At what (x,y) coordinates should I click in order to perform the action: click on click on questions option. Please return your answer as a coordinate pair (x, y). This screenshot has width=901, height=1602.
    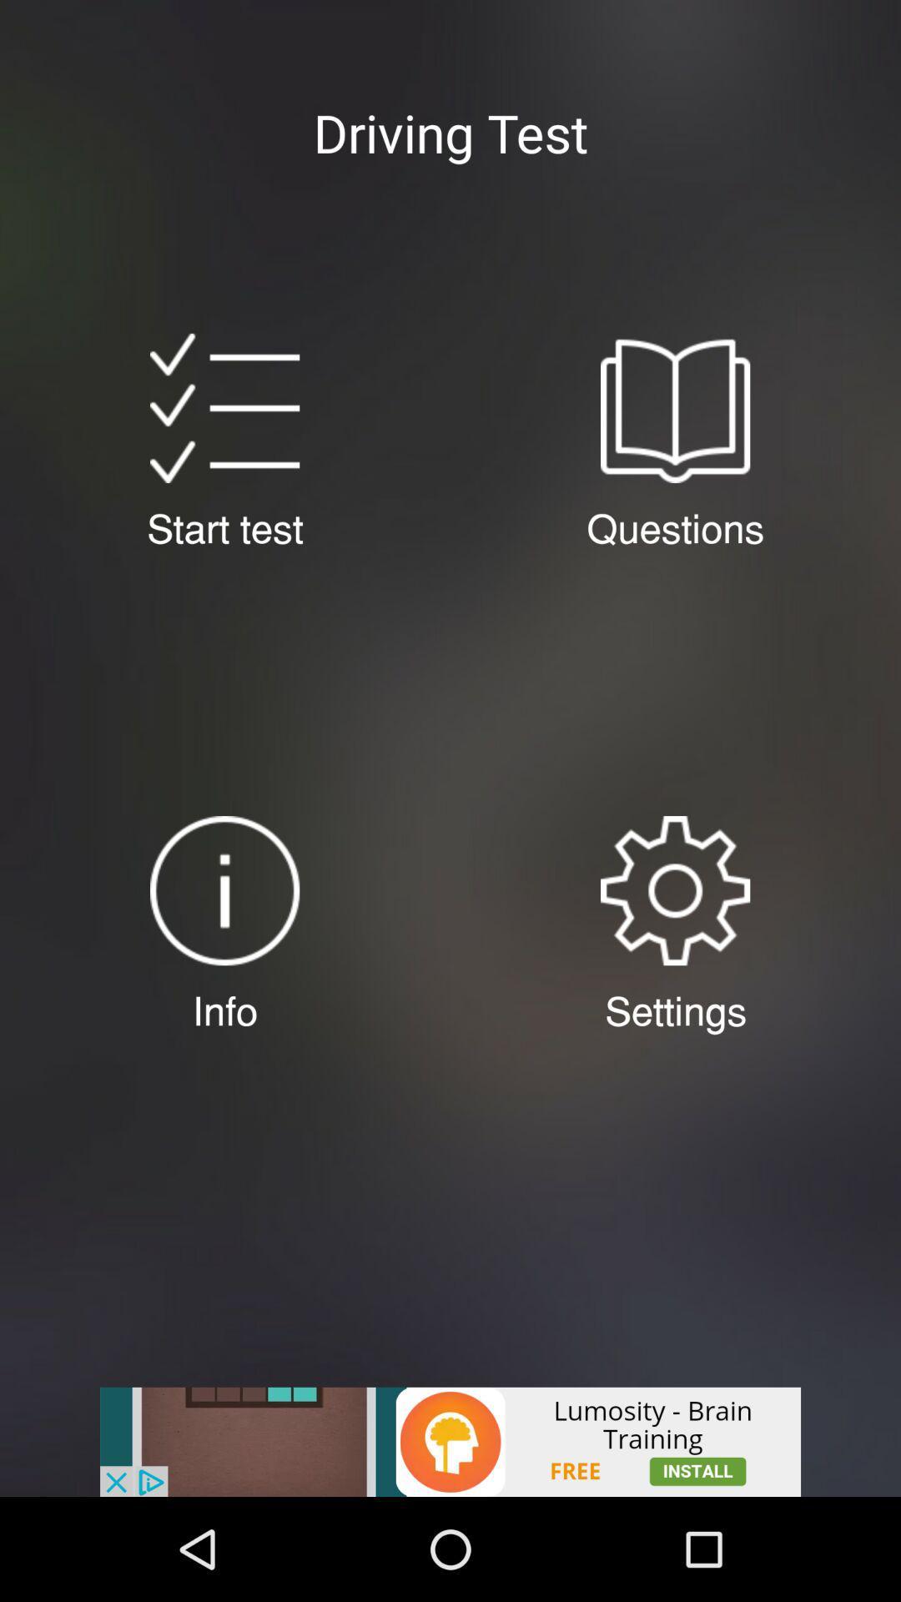
    Looking at the image, I should click on (674, 408).